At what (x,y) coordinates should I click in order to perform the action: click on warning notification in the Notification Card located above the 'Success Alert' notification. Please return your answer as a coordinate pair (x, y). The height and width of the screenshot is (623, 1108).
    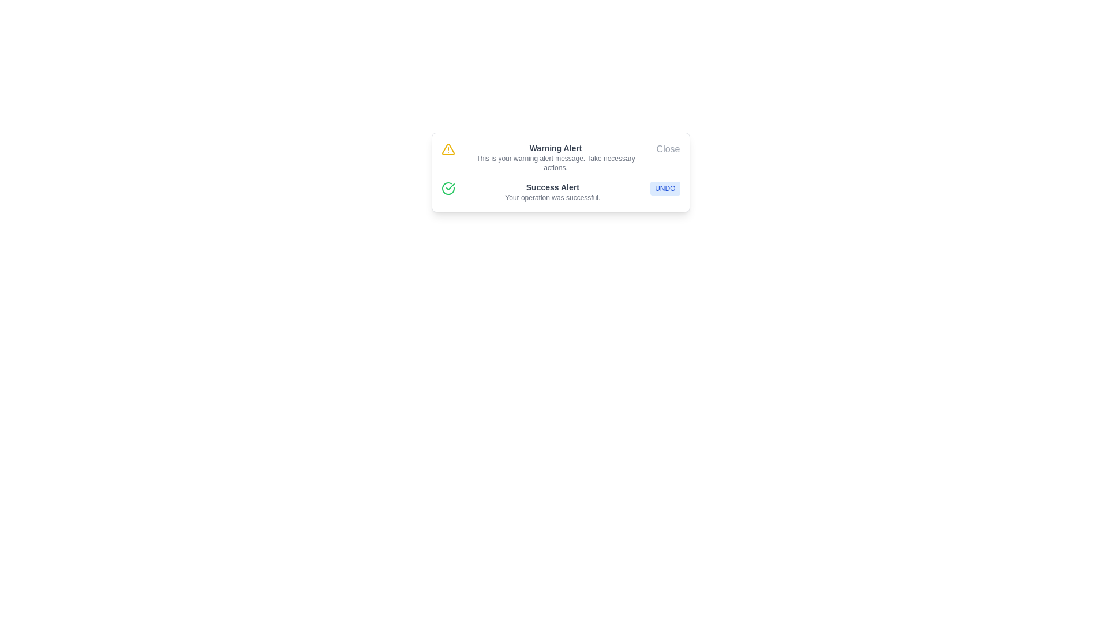
    Looking at the image, I should click on (560, 157).